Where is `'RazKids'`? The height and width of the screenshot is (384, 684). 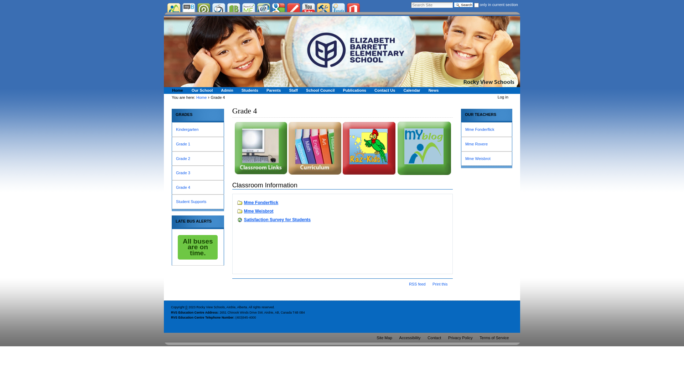
'RazKids' is located at coordinates (369, 148).